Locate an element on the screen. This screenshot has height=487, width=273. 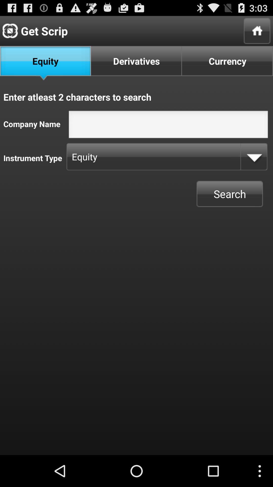
insert text is located at coordinates (168, 126).